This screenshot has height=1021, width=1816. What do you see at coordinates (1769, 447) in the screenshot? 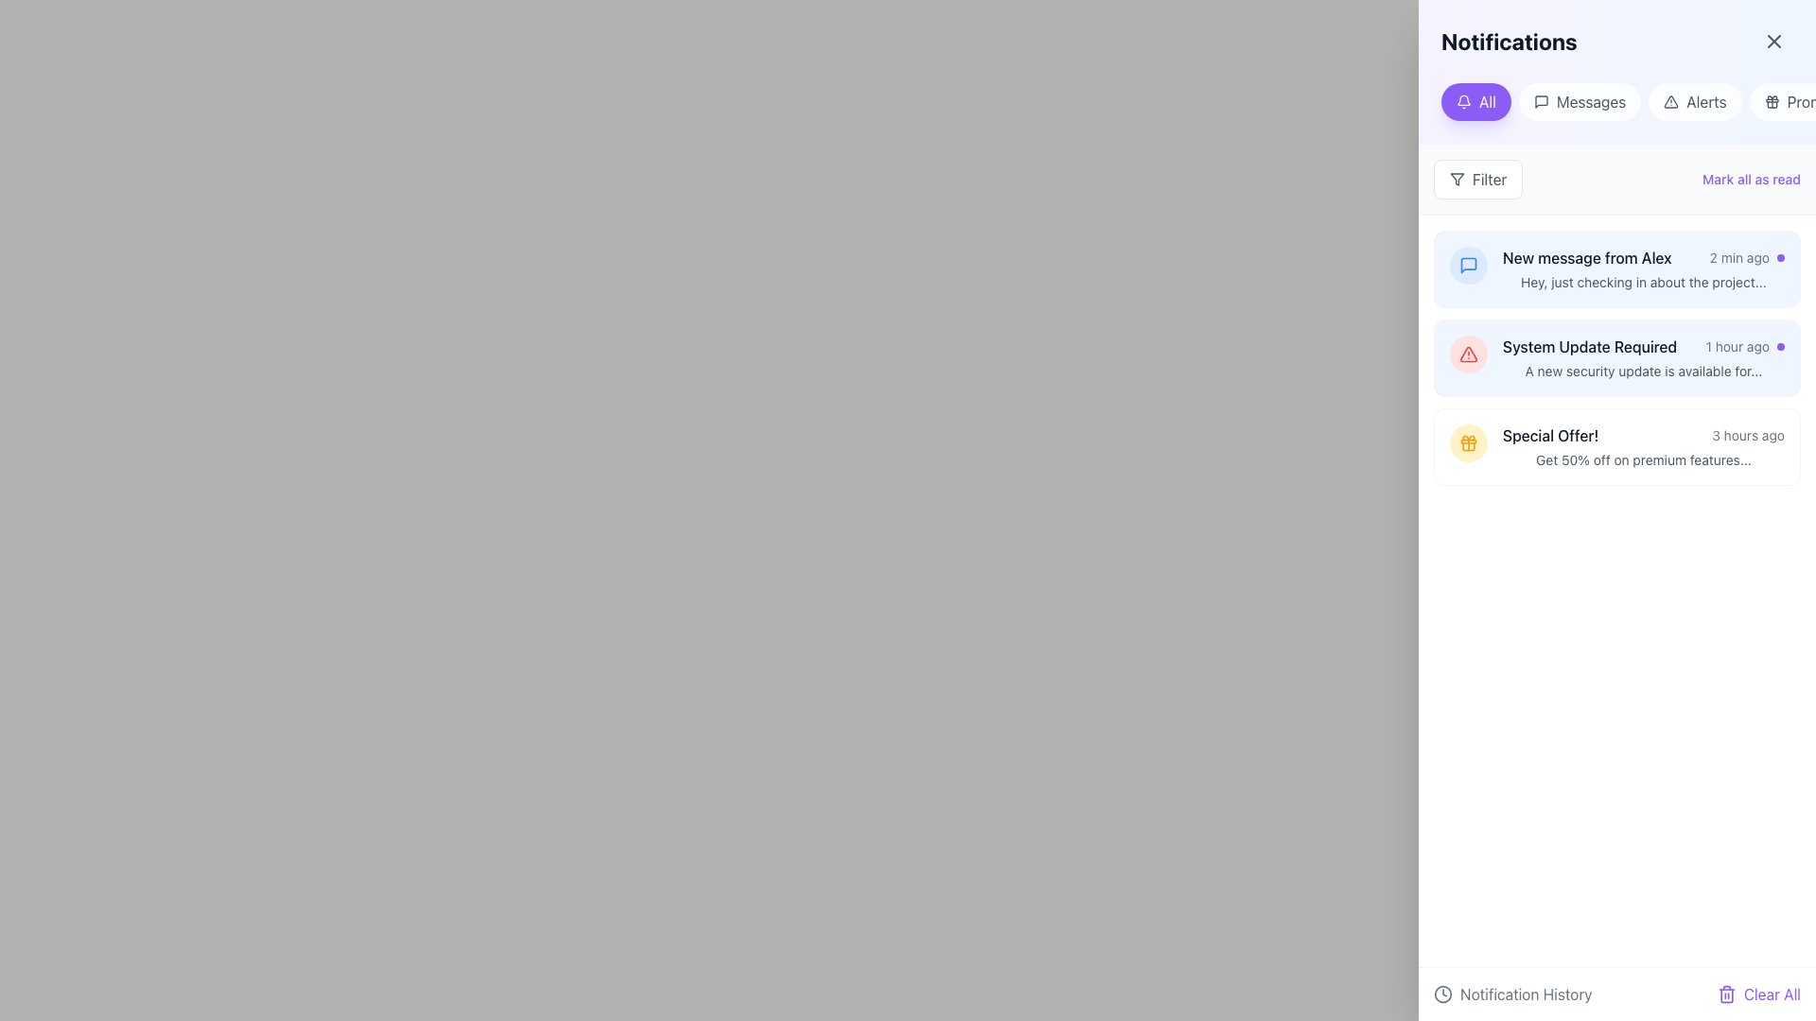
I see `the Ellipsis menu button located in the rightmost section of the third notification card in the 'Notifications' panel` at bounding box center [1769, 447].